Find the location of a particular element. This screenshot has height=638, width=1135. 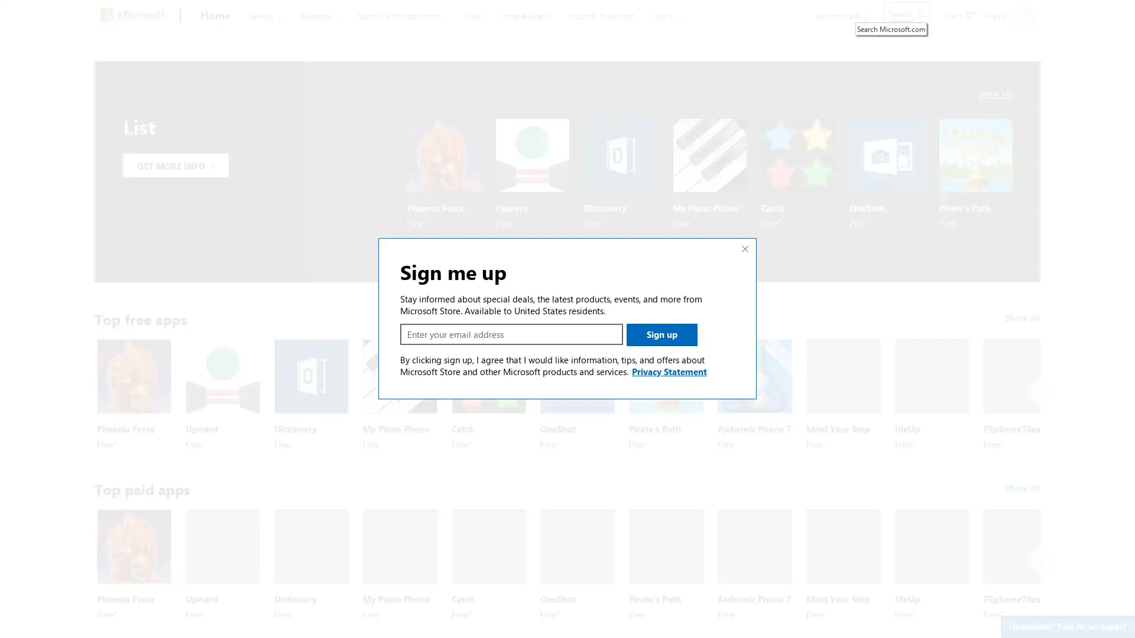

Software is located at coordinates (320, 15).